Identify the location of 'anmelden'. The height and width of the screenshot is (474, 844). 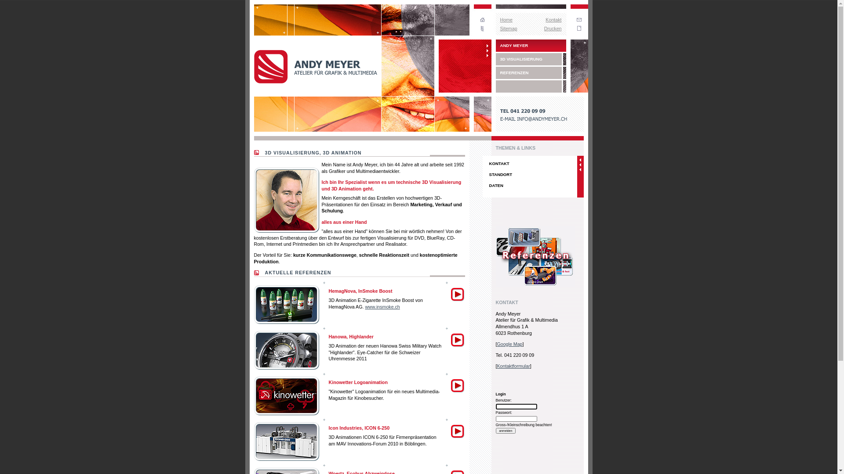
(506, 430).